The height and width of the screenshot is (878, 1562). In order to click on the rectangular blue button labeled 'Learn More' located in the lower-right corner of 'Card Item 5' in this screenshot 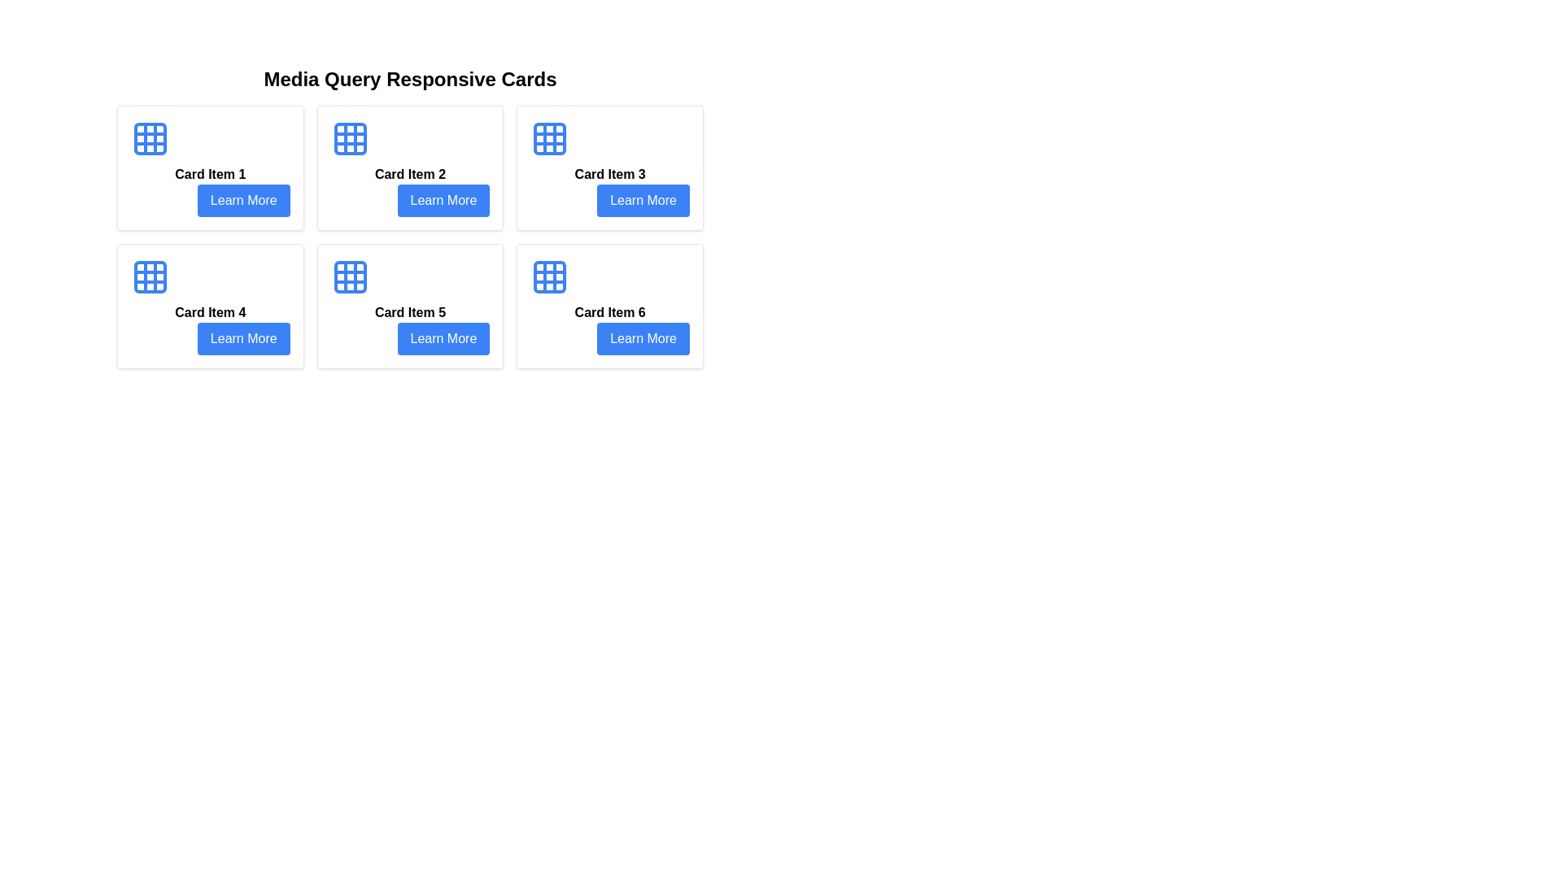, I will do `click(443, 337)`.